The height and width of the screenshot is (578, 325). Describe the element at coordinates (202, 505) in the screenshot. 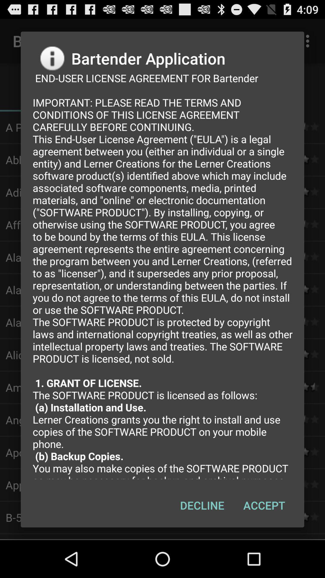

I see `the icon next to the accept item` at that location.